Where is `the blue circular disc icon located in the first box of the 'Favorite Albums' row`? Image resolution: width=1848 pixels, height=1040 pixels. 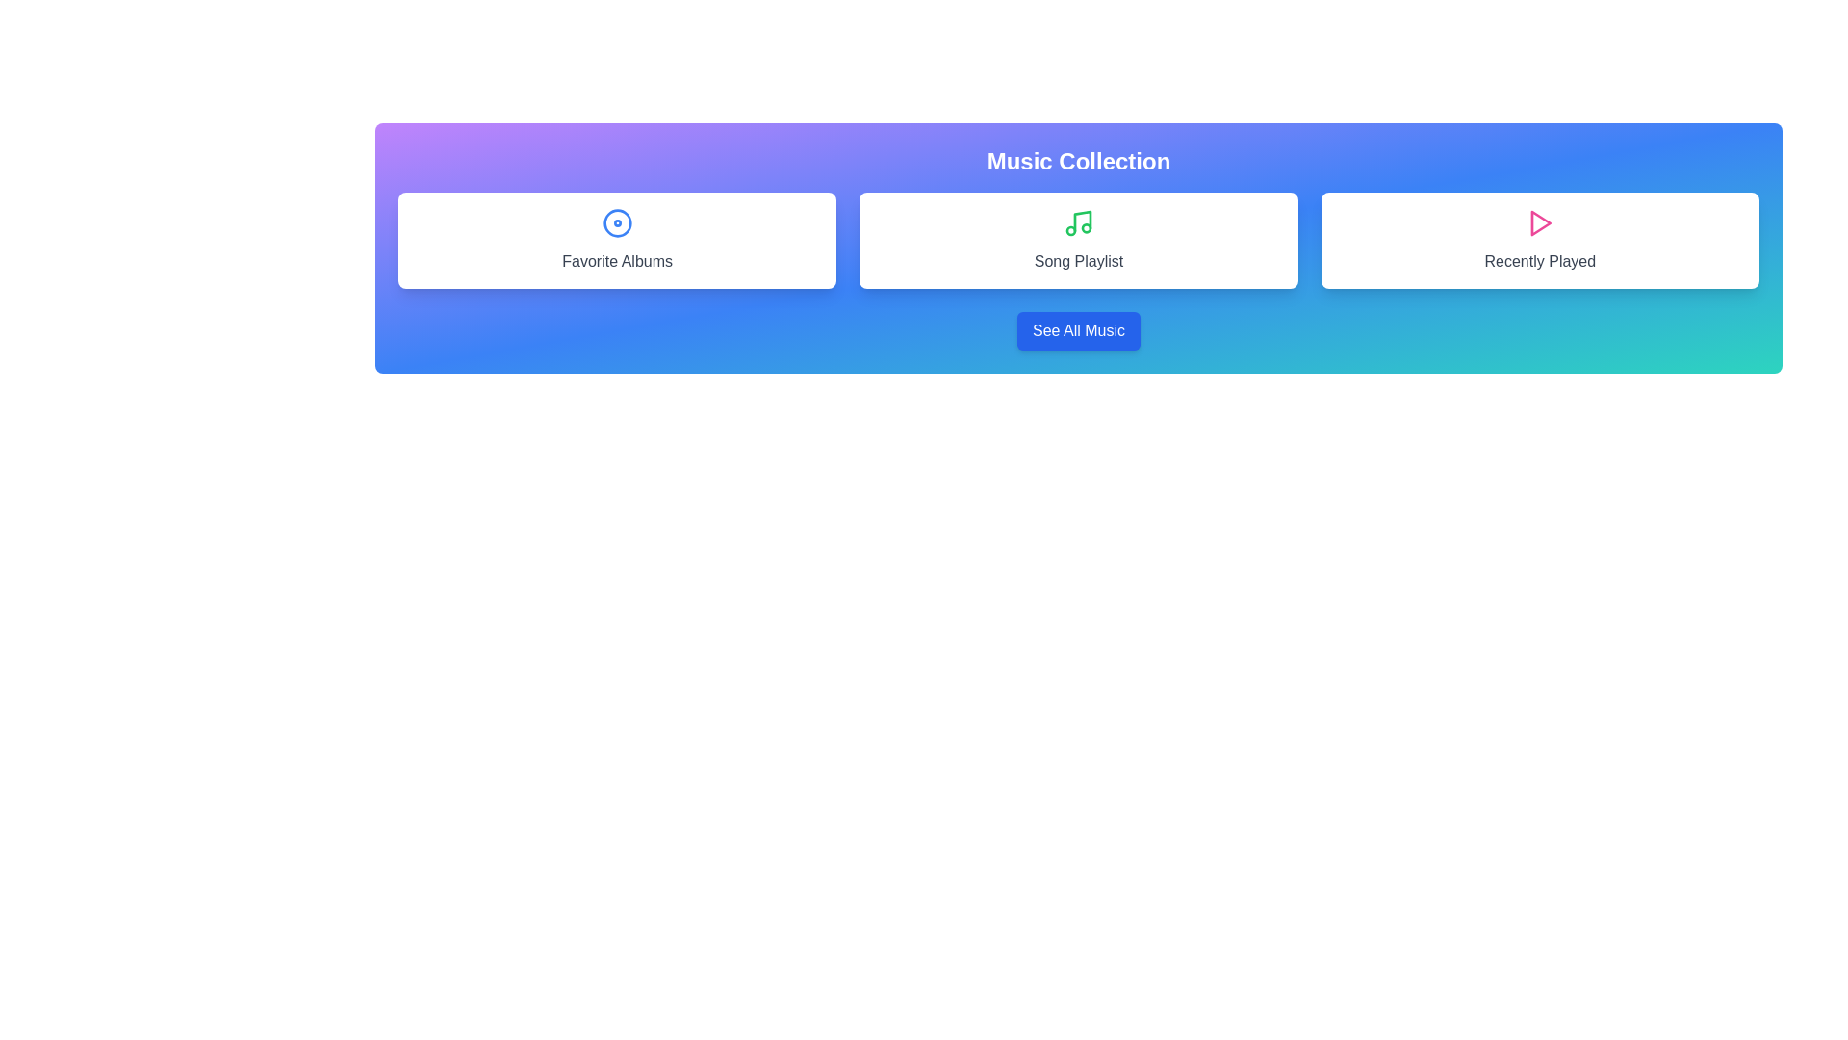
the blue circular disc icon located in the first box of the 'Favorite Albums' row is located at coordinates (617, 221).